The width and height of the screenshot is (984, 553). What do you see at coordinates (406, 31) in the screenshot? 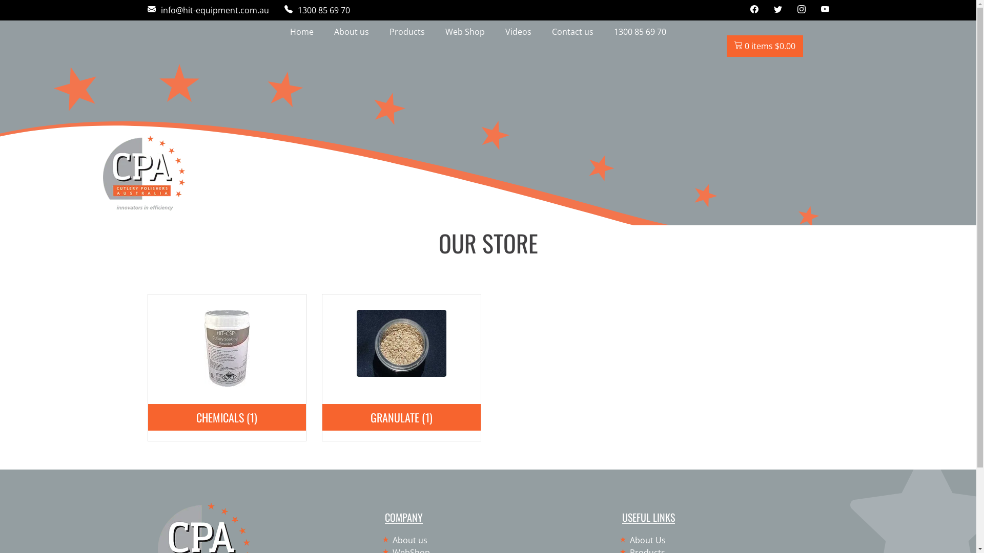
I see `'Products'` at bounding box center [406, 31].